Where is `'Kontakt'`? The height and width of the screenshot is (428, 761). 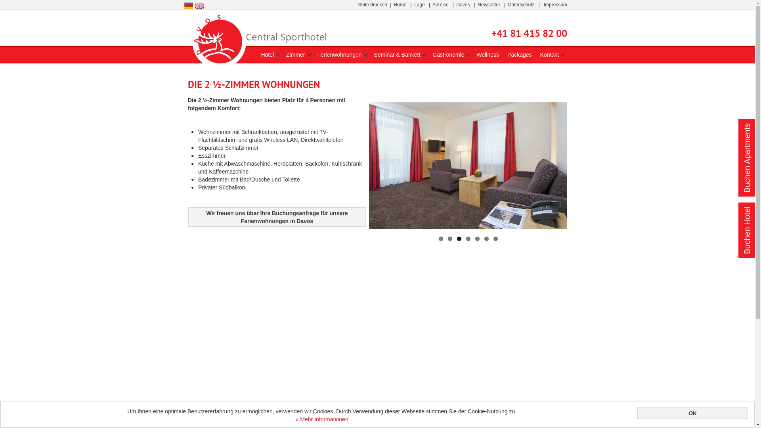
'Kontakt' is located at coordinates (549, 54).